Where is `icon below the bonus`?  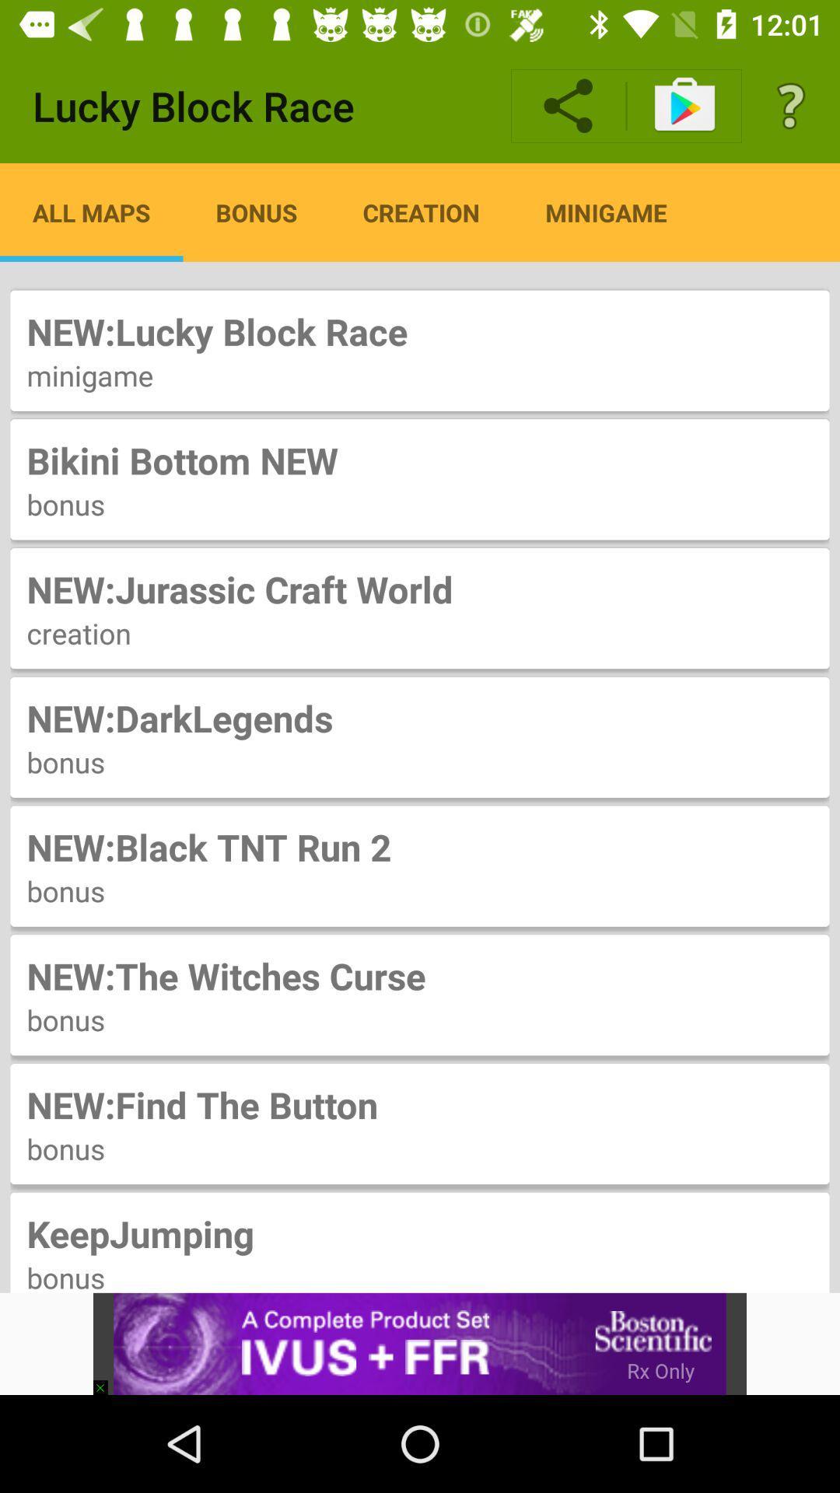
icon below the bonus is located at coordinates (107, 1380).